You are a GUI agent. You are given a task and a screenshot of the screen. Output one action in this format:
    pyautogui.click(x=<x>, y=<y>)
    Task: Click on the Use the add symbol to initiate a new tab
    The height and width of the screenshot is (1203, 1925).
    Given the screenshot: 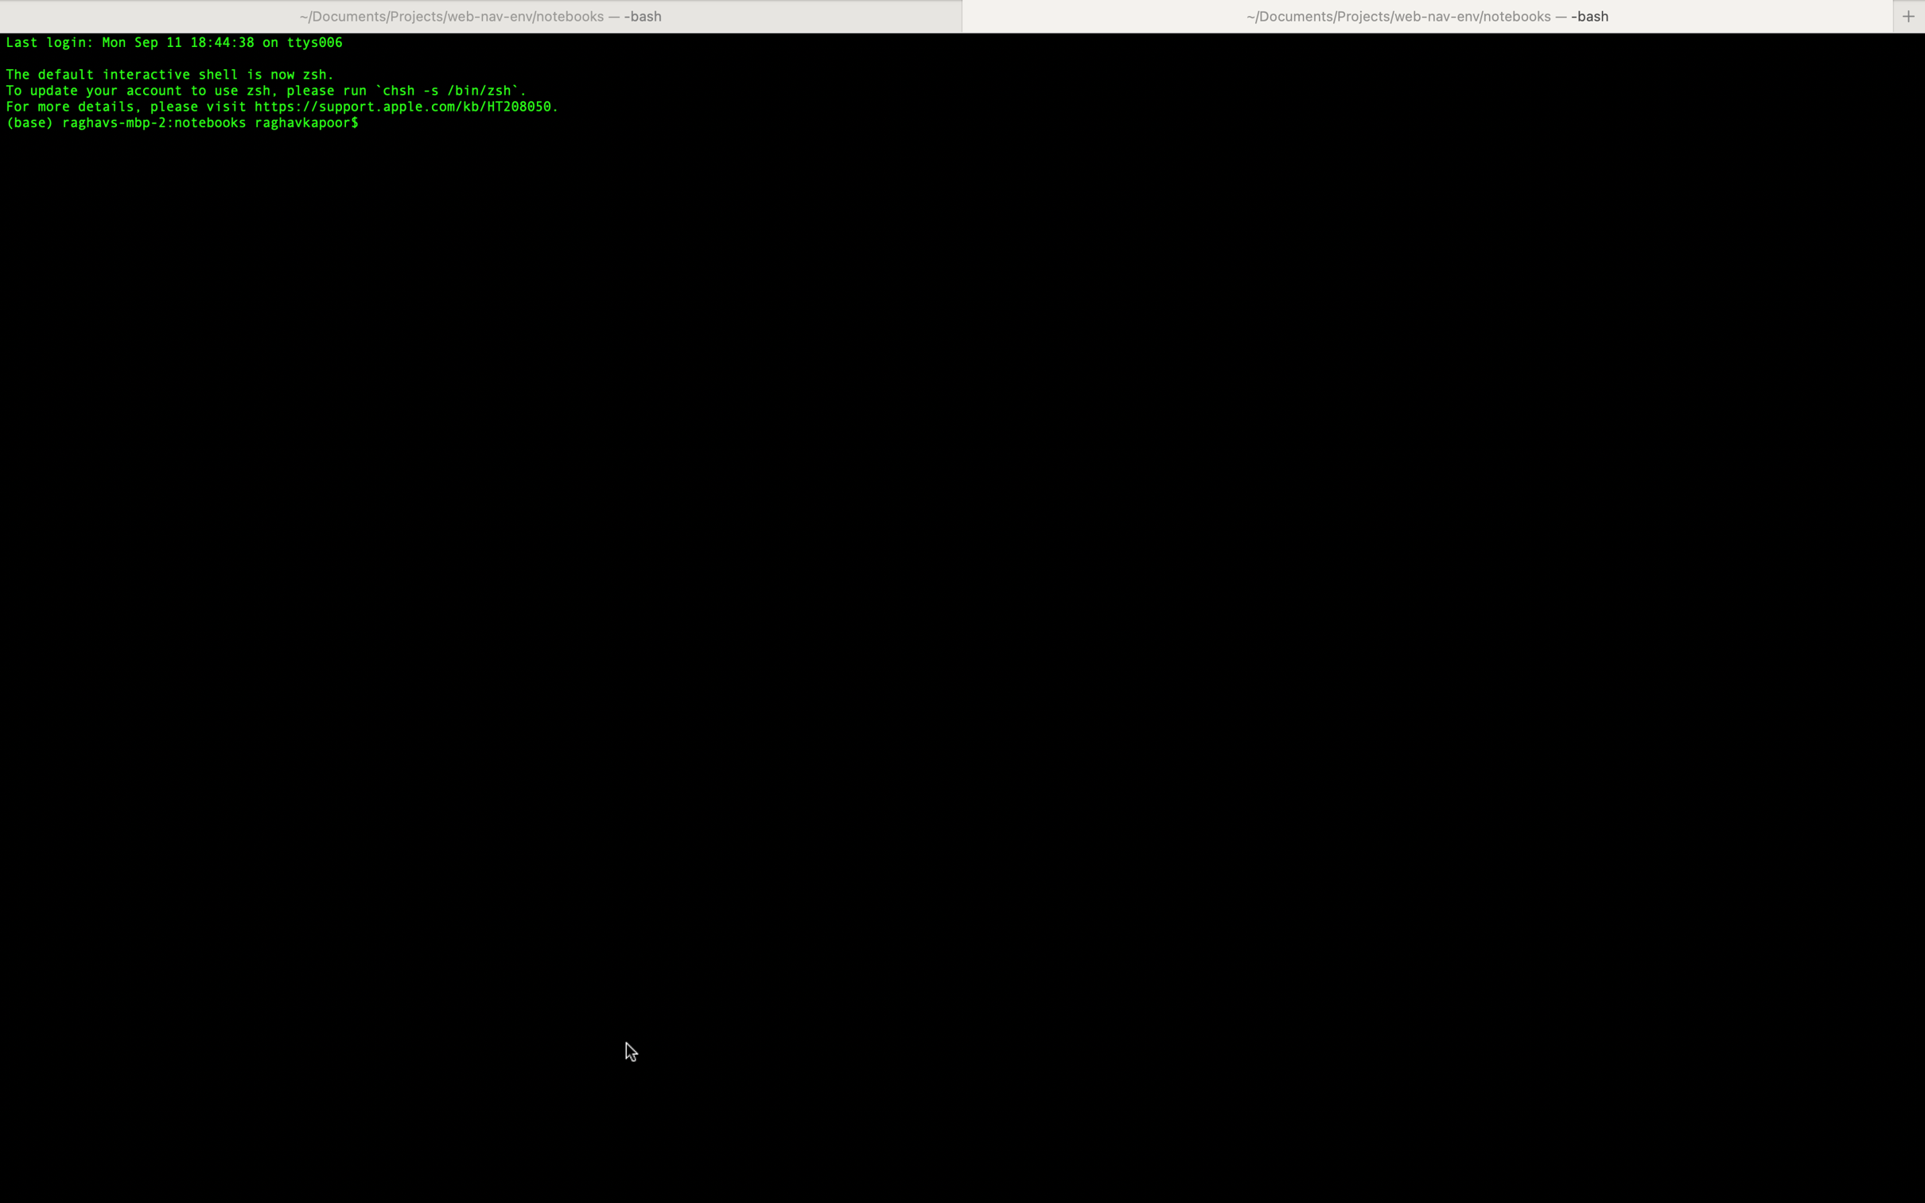 What is the action you would take?
    pyautogui.click(x=1909, y=15)
    